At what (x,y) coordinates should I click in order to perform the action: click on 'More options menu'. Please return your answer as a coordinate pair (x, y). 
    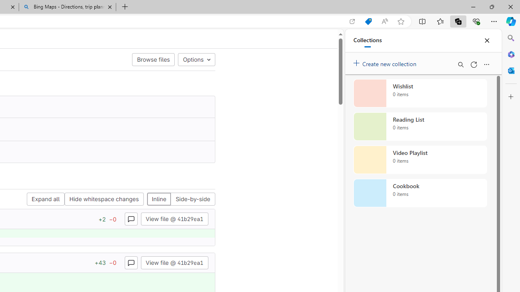
    Looking at the image, I should click on (486, 64).